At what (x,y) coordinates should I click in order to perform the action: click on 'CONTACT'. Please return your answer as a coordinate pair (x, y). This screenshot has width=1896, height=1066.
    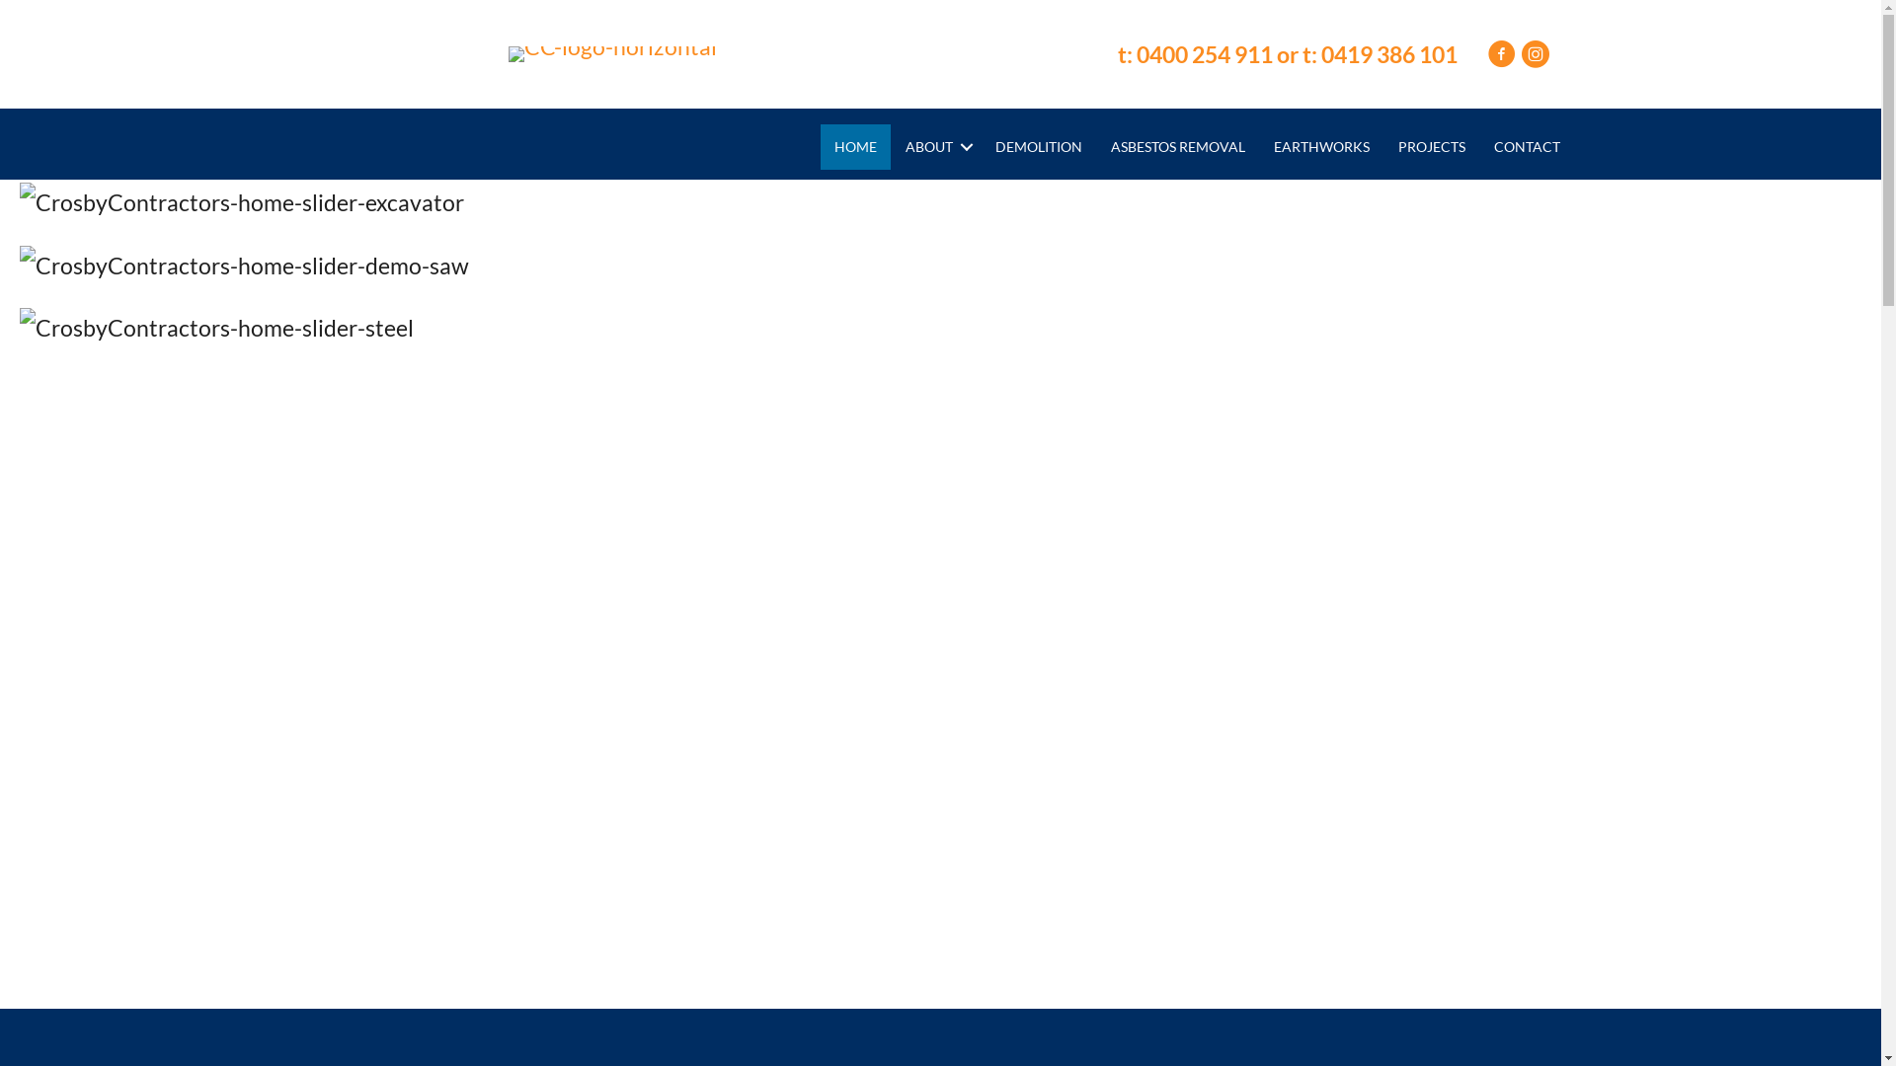
    Looking at the image, I should click on (1526, 146).